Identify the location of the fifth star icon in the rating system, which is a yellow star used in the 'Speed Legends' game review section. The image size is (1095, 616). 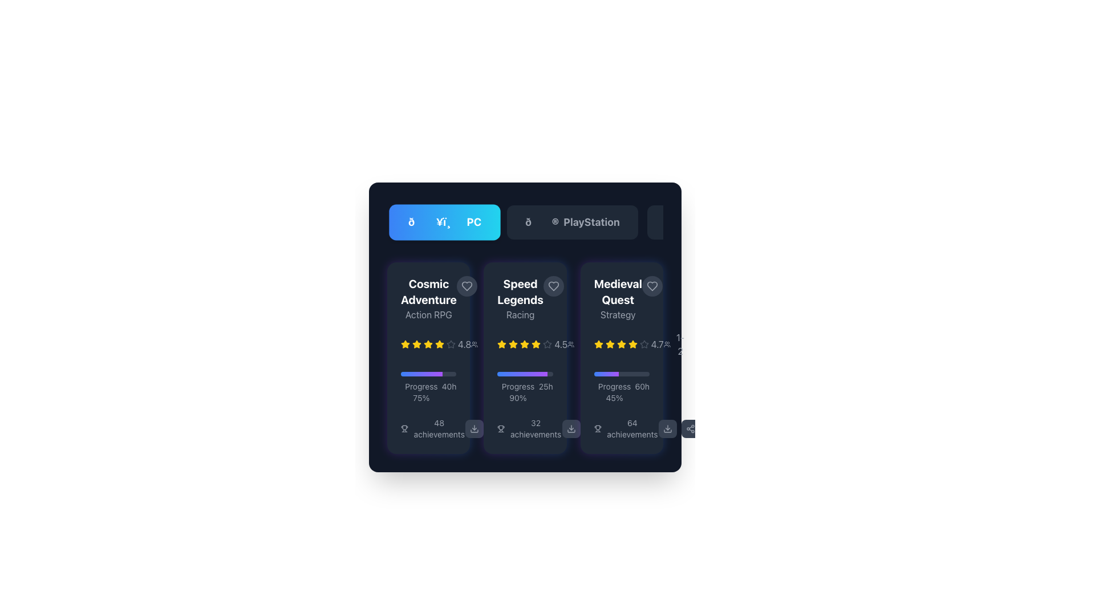
(524, 344).